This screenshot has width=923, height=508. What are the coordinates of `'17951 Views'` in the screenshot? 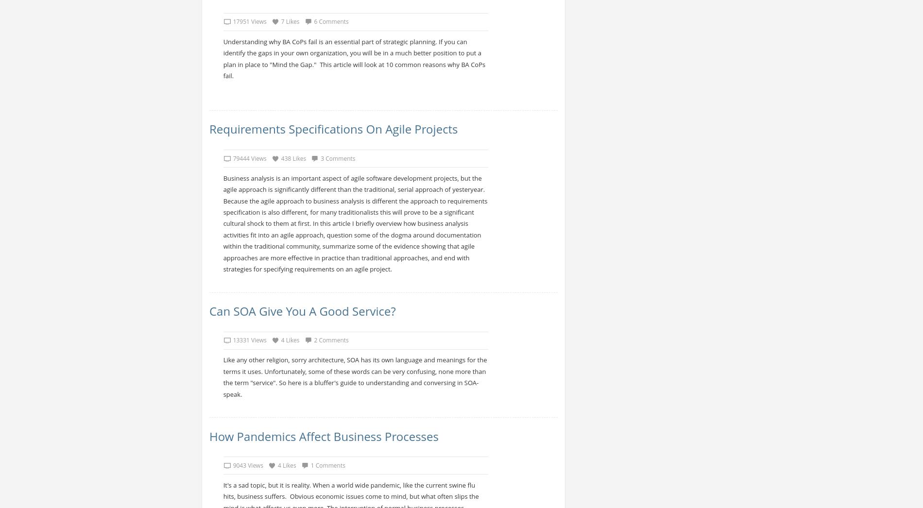 It's located at (249, 21).